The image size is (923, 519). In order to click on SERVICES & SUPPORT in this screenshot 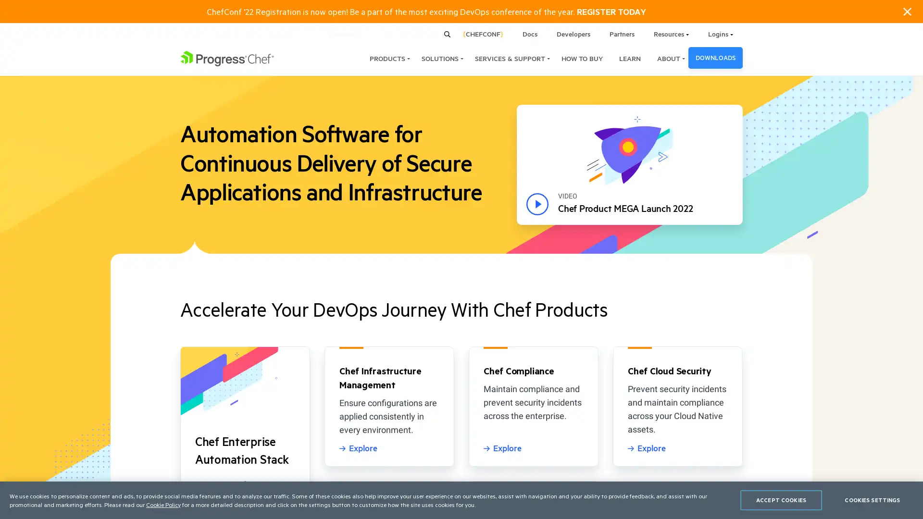, I will do `click(488, 59)`.